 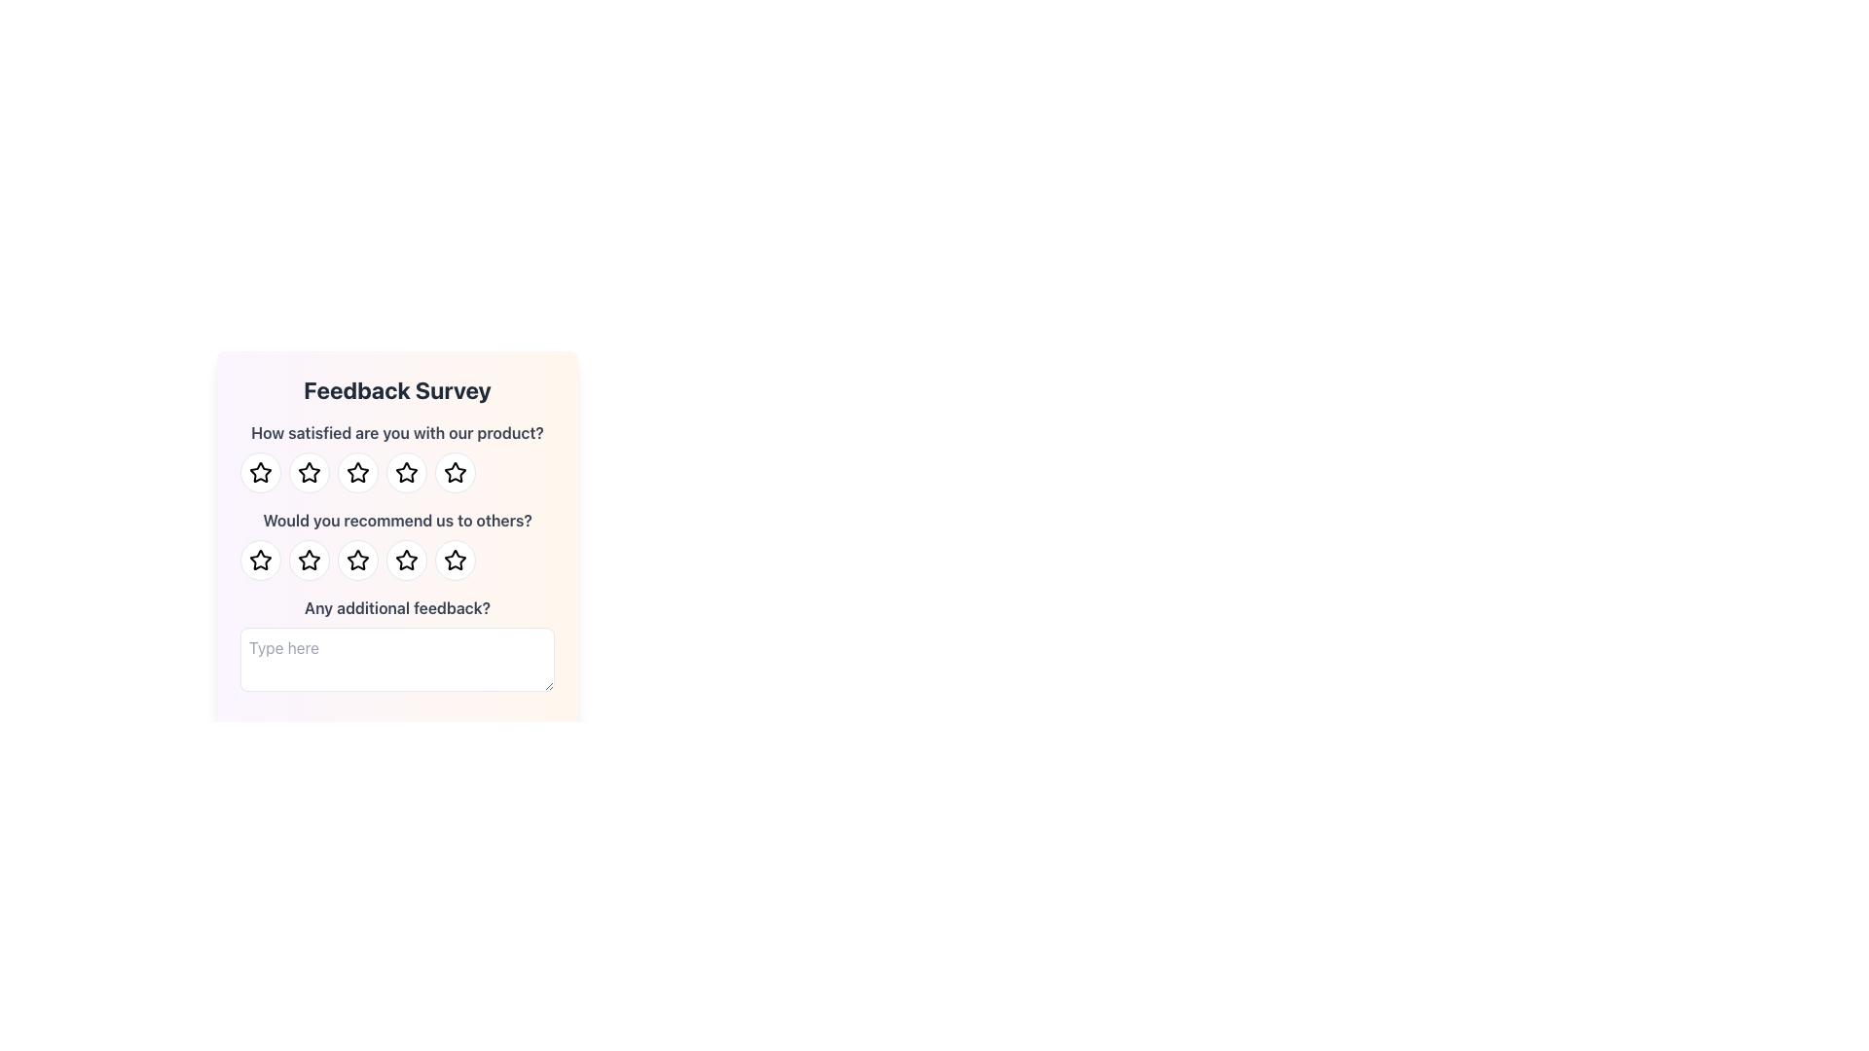 I want to click on the first star icon button, so click(x=259, y=472).